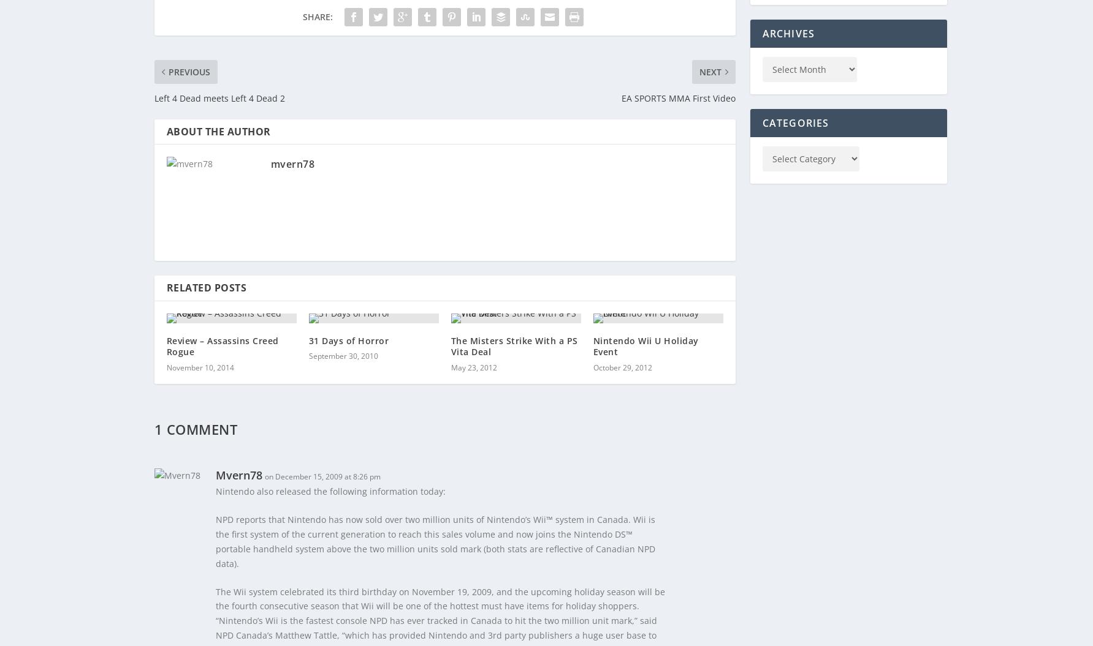  What do you see at coordinates (238, 474) in the screenshot?
I see `'Mvern78'` at bounding box center [238, 474].